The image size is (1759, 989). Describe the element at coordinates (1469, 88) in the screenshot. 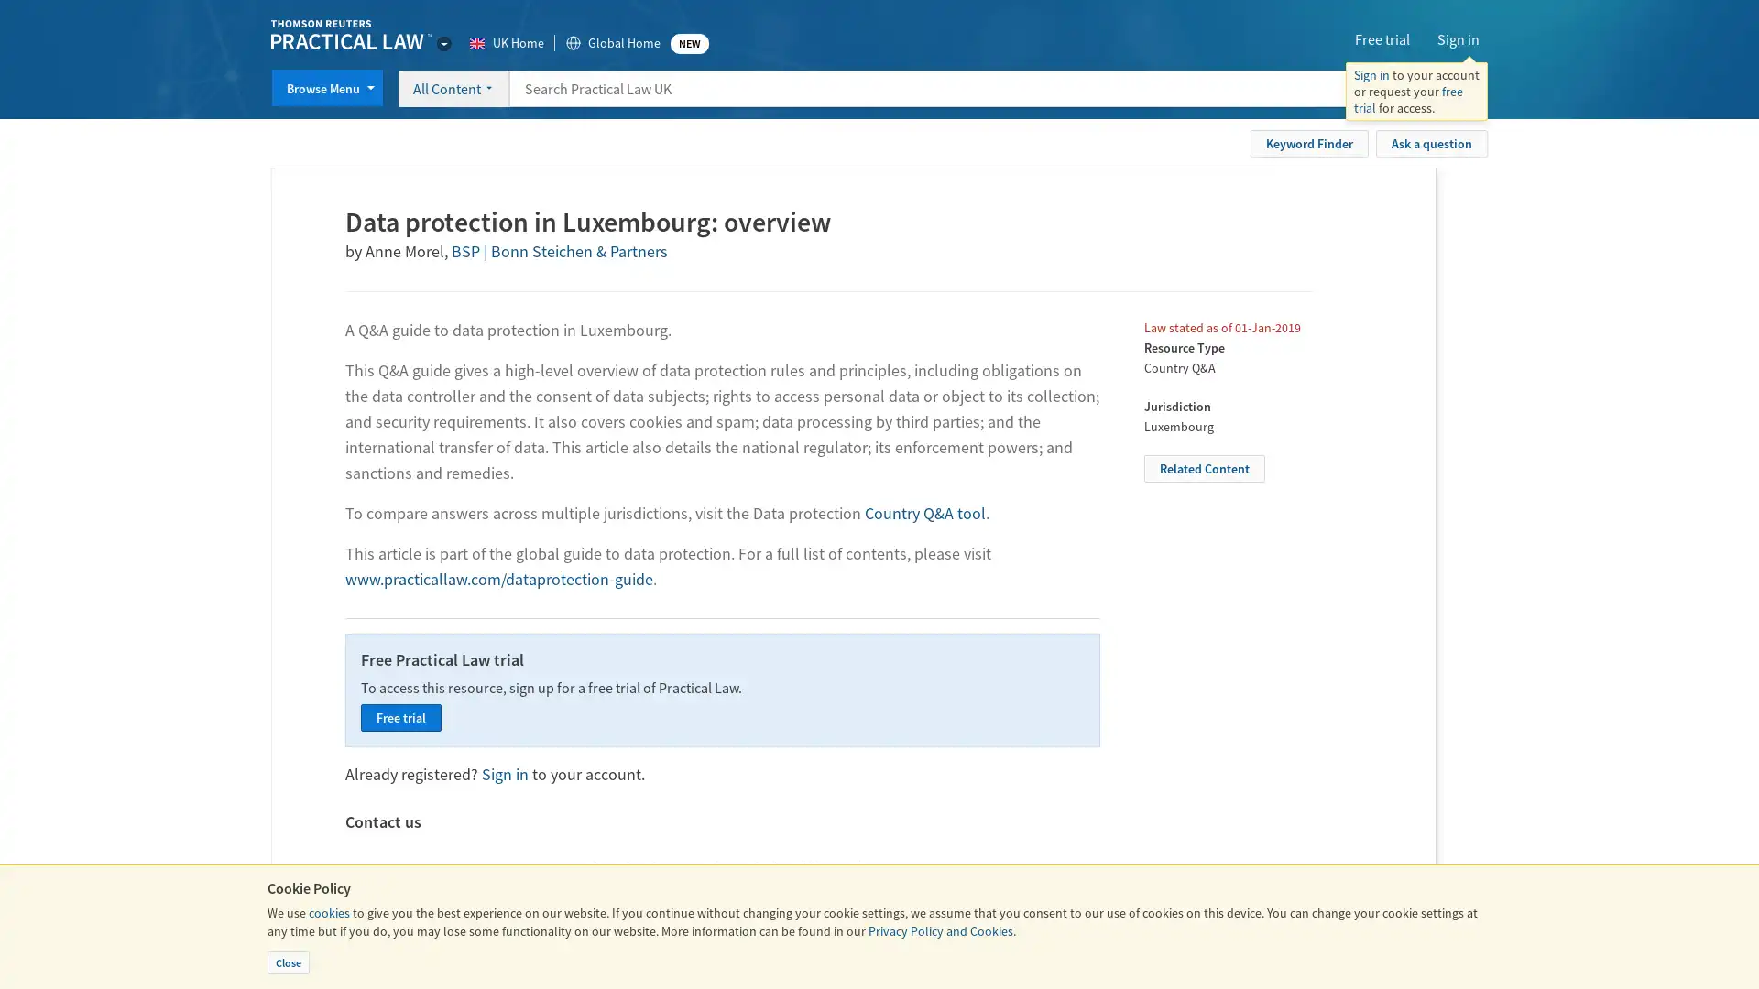

I see `Search Home` at that location.